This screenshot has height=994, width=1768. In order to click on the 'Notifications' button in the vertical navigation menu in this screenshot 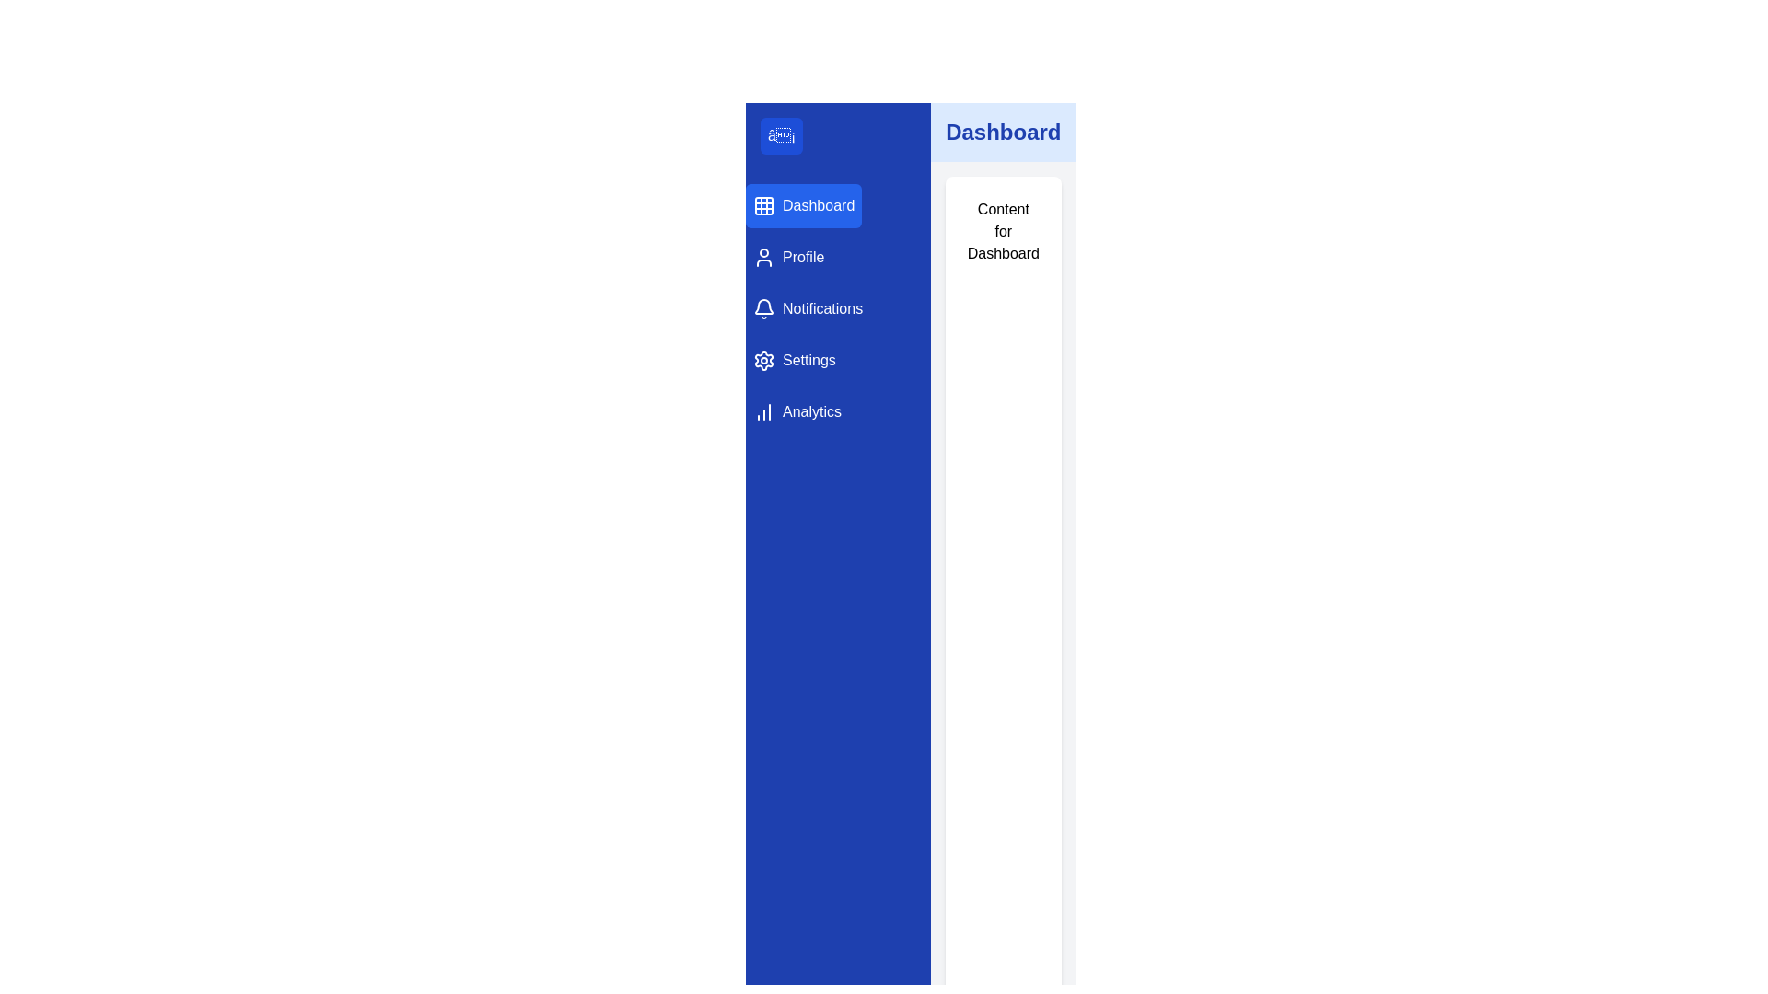, I will do `click(837, 307)`.